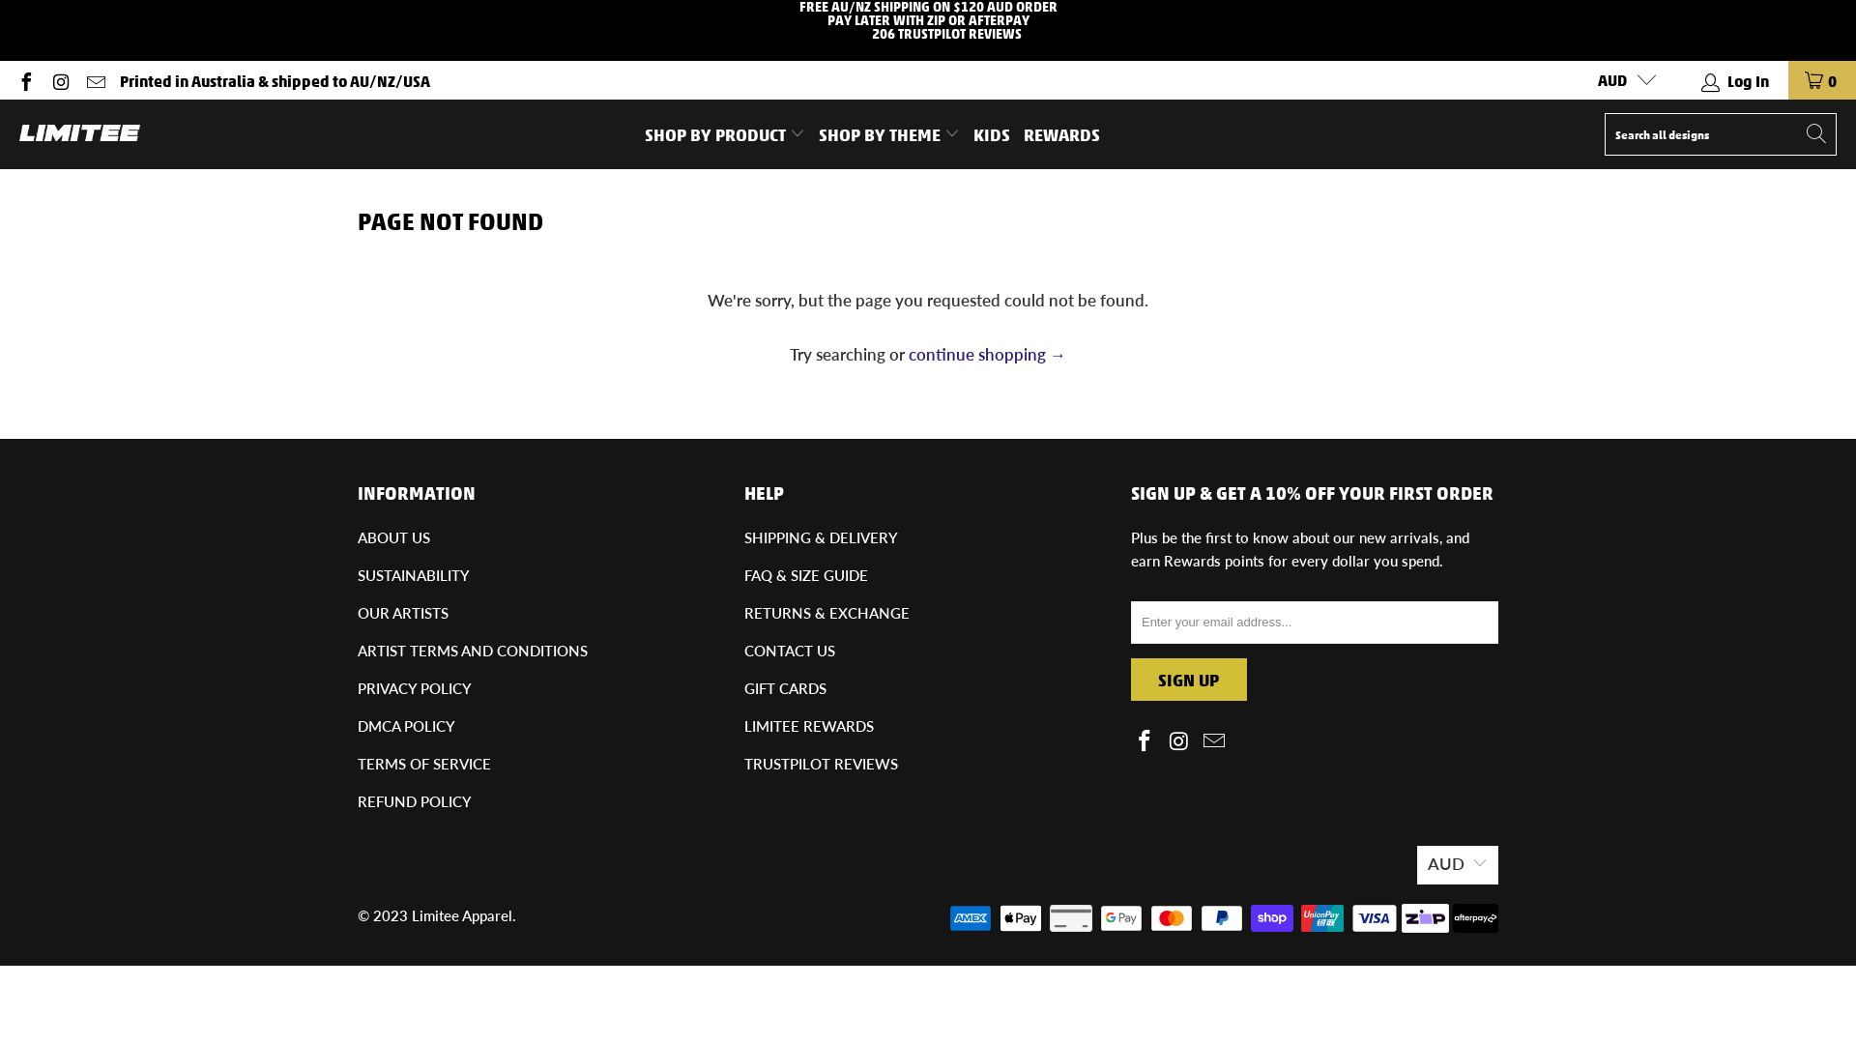 The height and width of the screenshot is (1044, 1856). I want to click on 'Limitee Apparel on Facebook', so click(1145, 740).